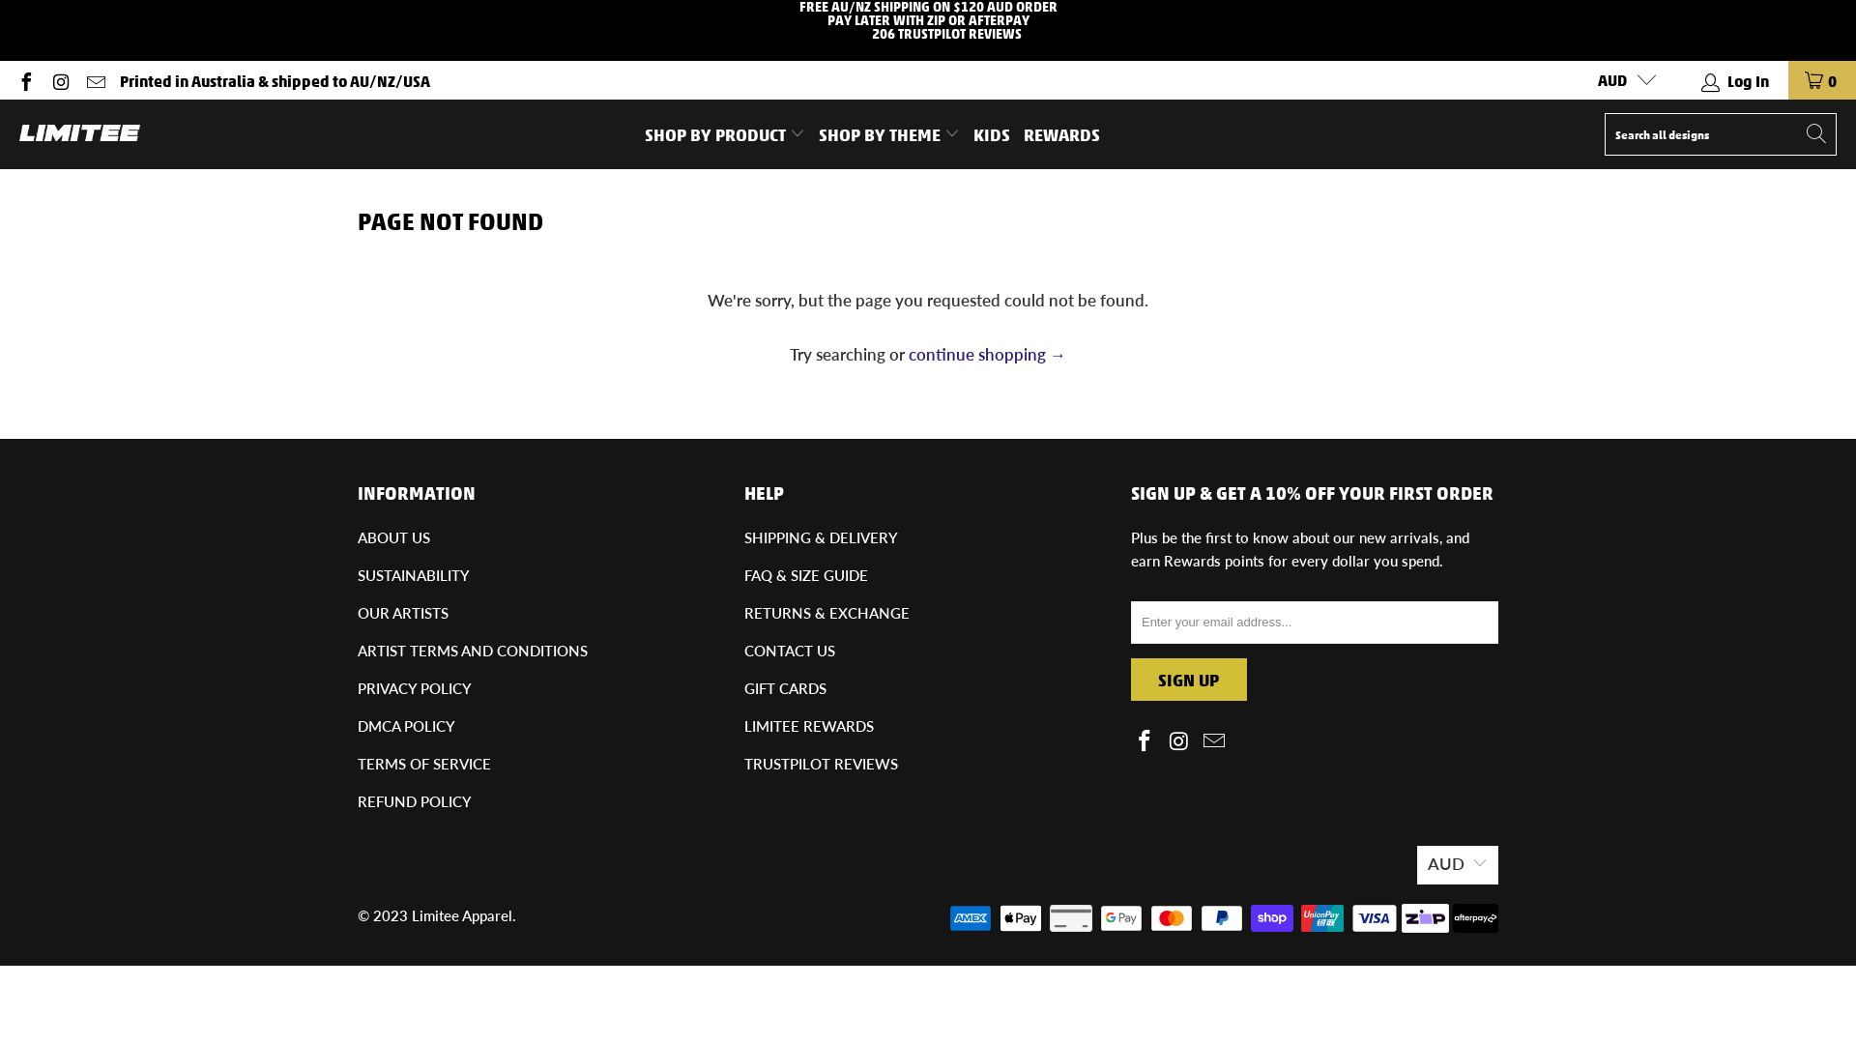 The height and width of the screenshot is (1044, 1856). I want to click on 'Limitee Apparel on Facebook', so click(1145, 740).